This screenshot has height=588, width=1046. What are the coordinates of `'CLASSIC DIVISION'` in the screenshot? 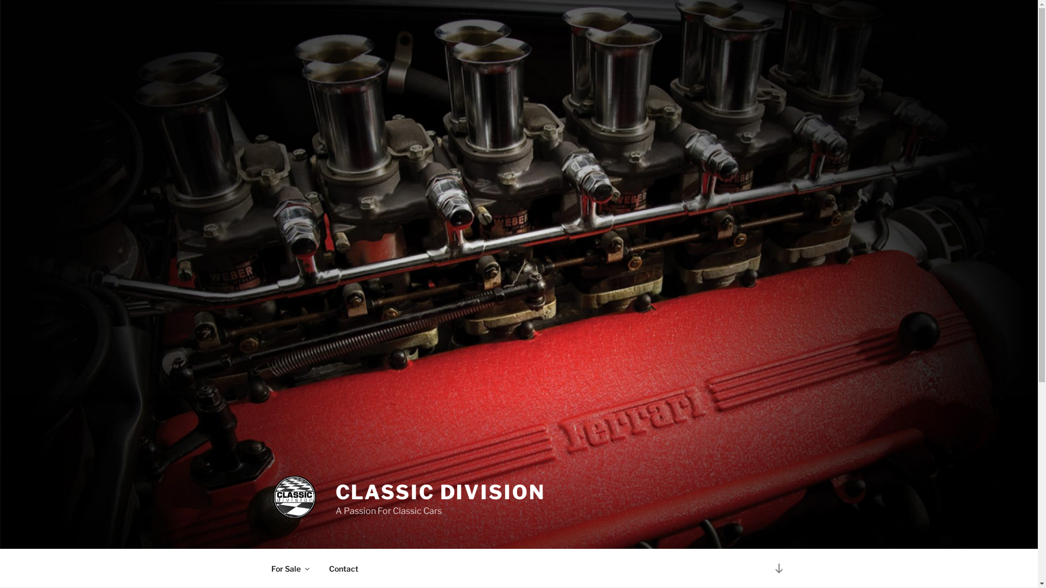 It's located at (440, 492).